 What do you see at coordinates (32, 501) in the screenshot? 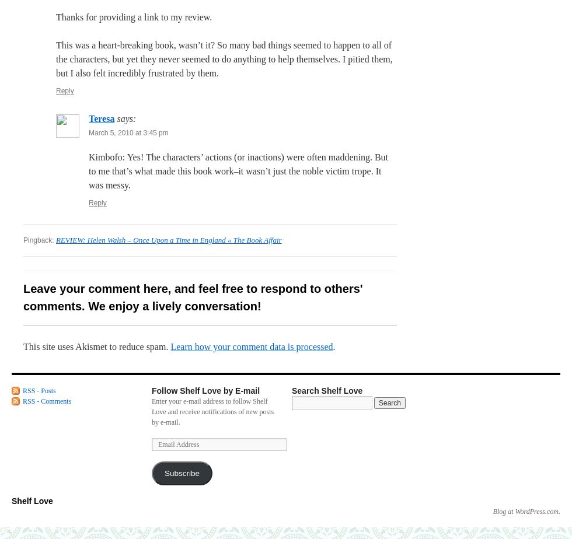
I see `'Shelf Love'` at bounding box center [32, 501].